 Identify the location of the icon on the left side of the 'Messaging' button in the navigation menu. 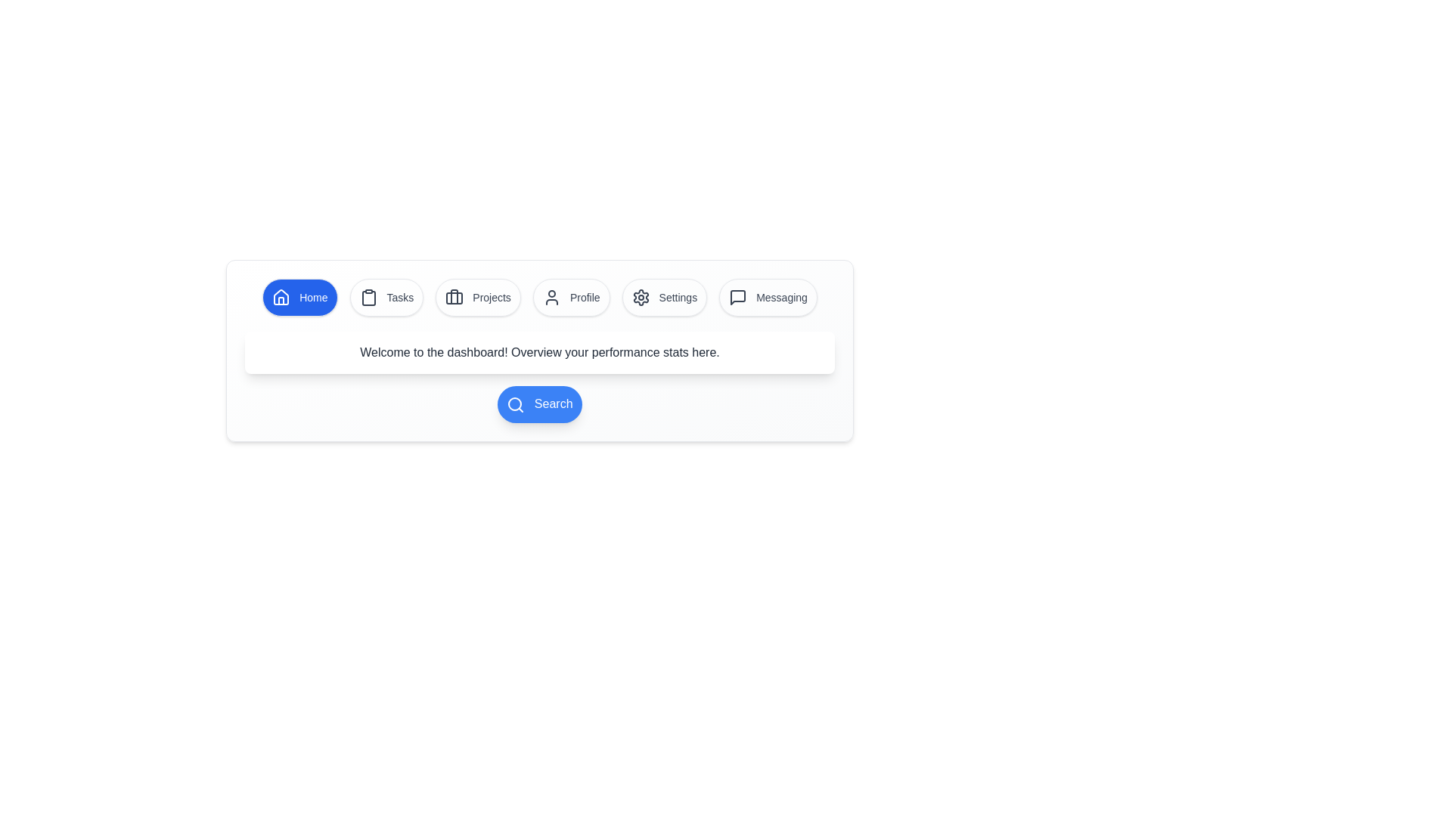
(738, 297).